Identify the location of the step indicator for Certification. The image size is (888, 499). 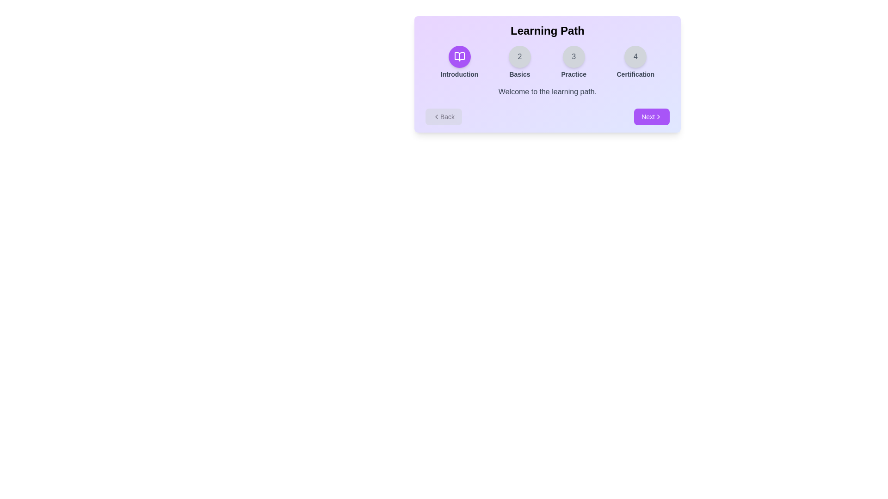
(635, 62).